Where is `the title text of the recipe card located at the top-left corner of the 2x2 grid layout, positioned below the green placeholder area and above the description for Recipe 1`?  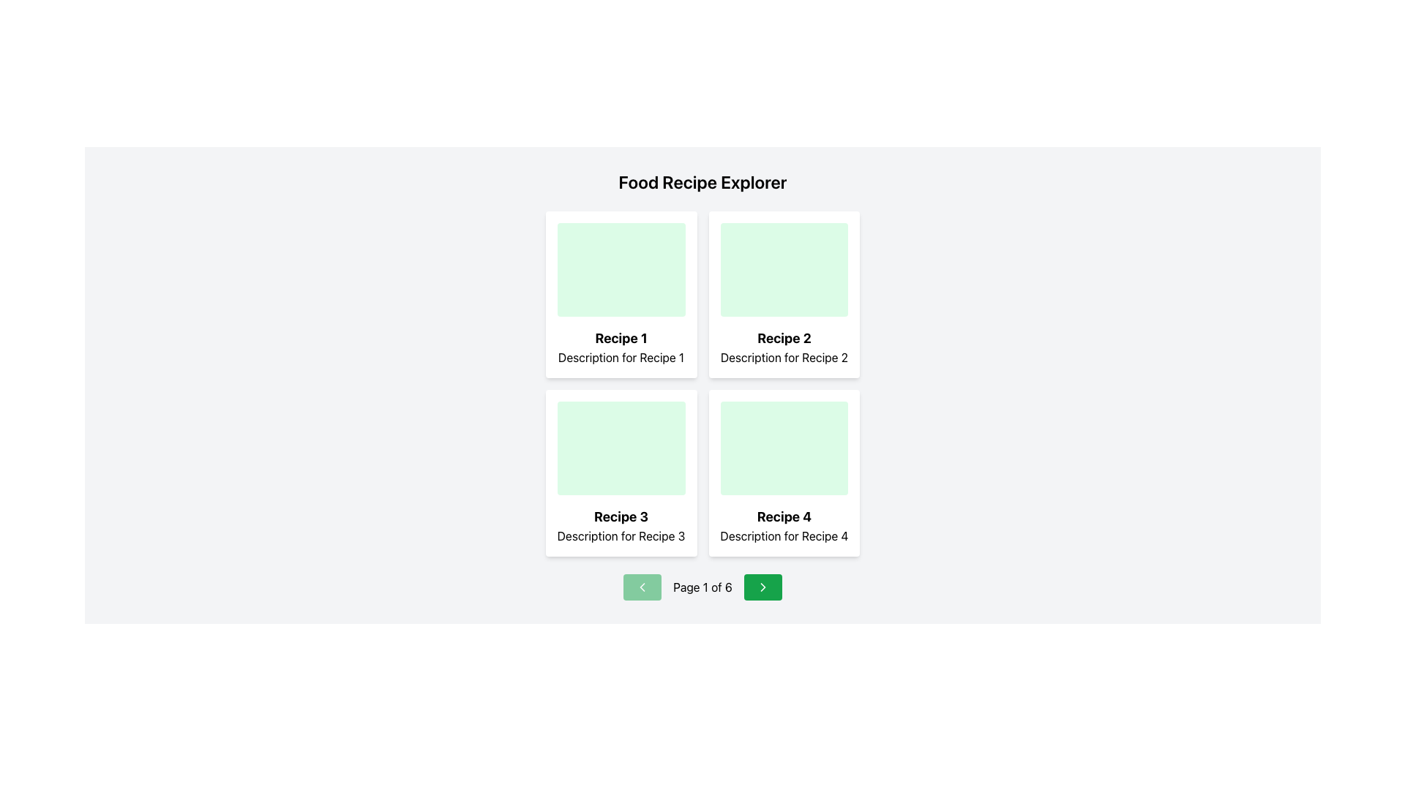
the title text of the recipe card located at the top-left corner of the 2x2 grid layout, positioned below the green placeholder area and above the description for Recipe 1 is located at coordinates (621, 338).